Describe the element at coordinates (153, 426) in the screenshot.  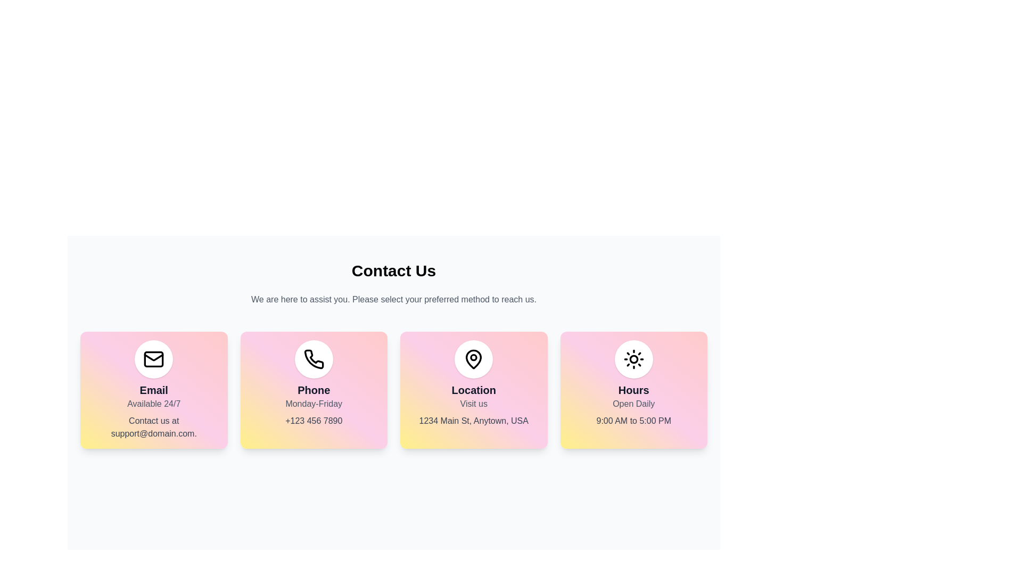
I see `information displayed in the gray text label that shows 'Contact us at support@domain.com.' positioned centrally in the card layout below 'Available 24/7'` at that location.